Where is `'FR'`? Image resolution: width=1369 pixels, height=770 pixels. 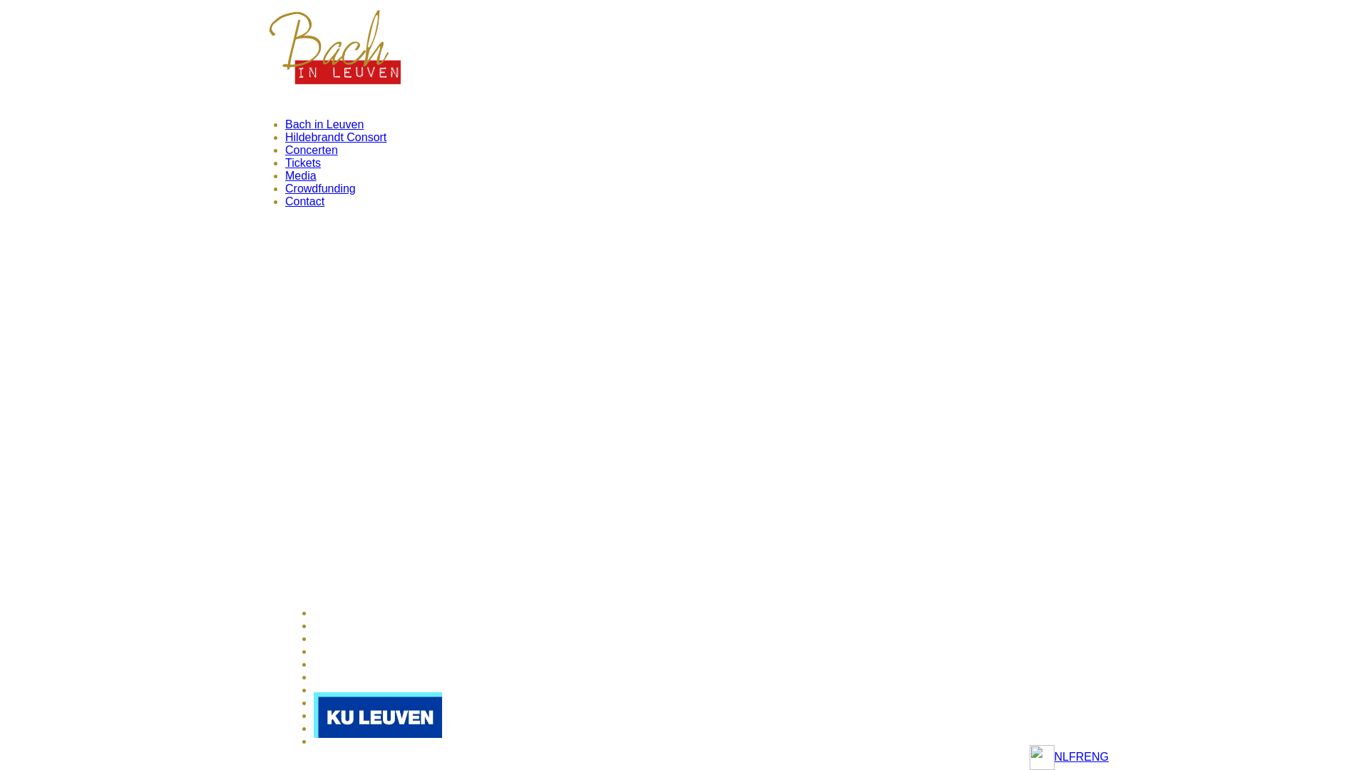
'FR' is located at coordinates (1076, 756).